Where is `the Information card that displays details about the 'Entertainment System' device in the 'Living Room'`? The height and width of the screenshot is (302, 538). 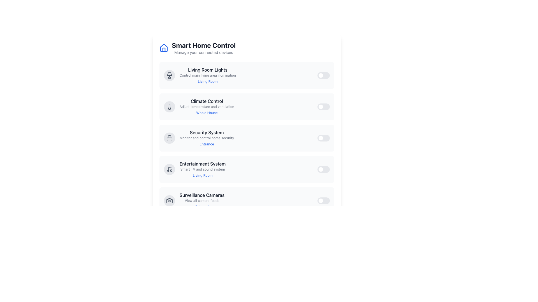 the Information card that displays details about the 'Entertainment System' device in the 'Living Room' is located at coordinates (195, 169).